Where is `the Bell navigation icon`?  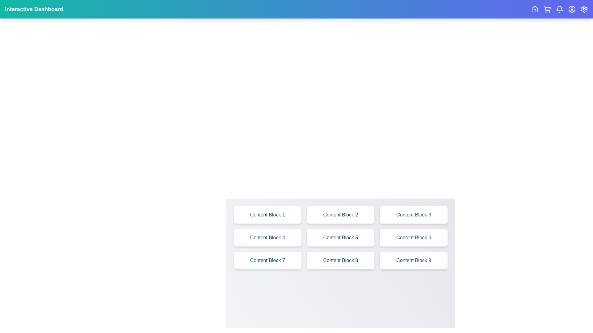 the Bell navigation icon is located at coordinates (559, 9).